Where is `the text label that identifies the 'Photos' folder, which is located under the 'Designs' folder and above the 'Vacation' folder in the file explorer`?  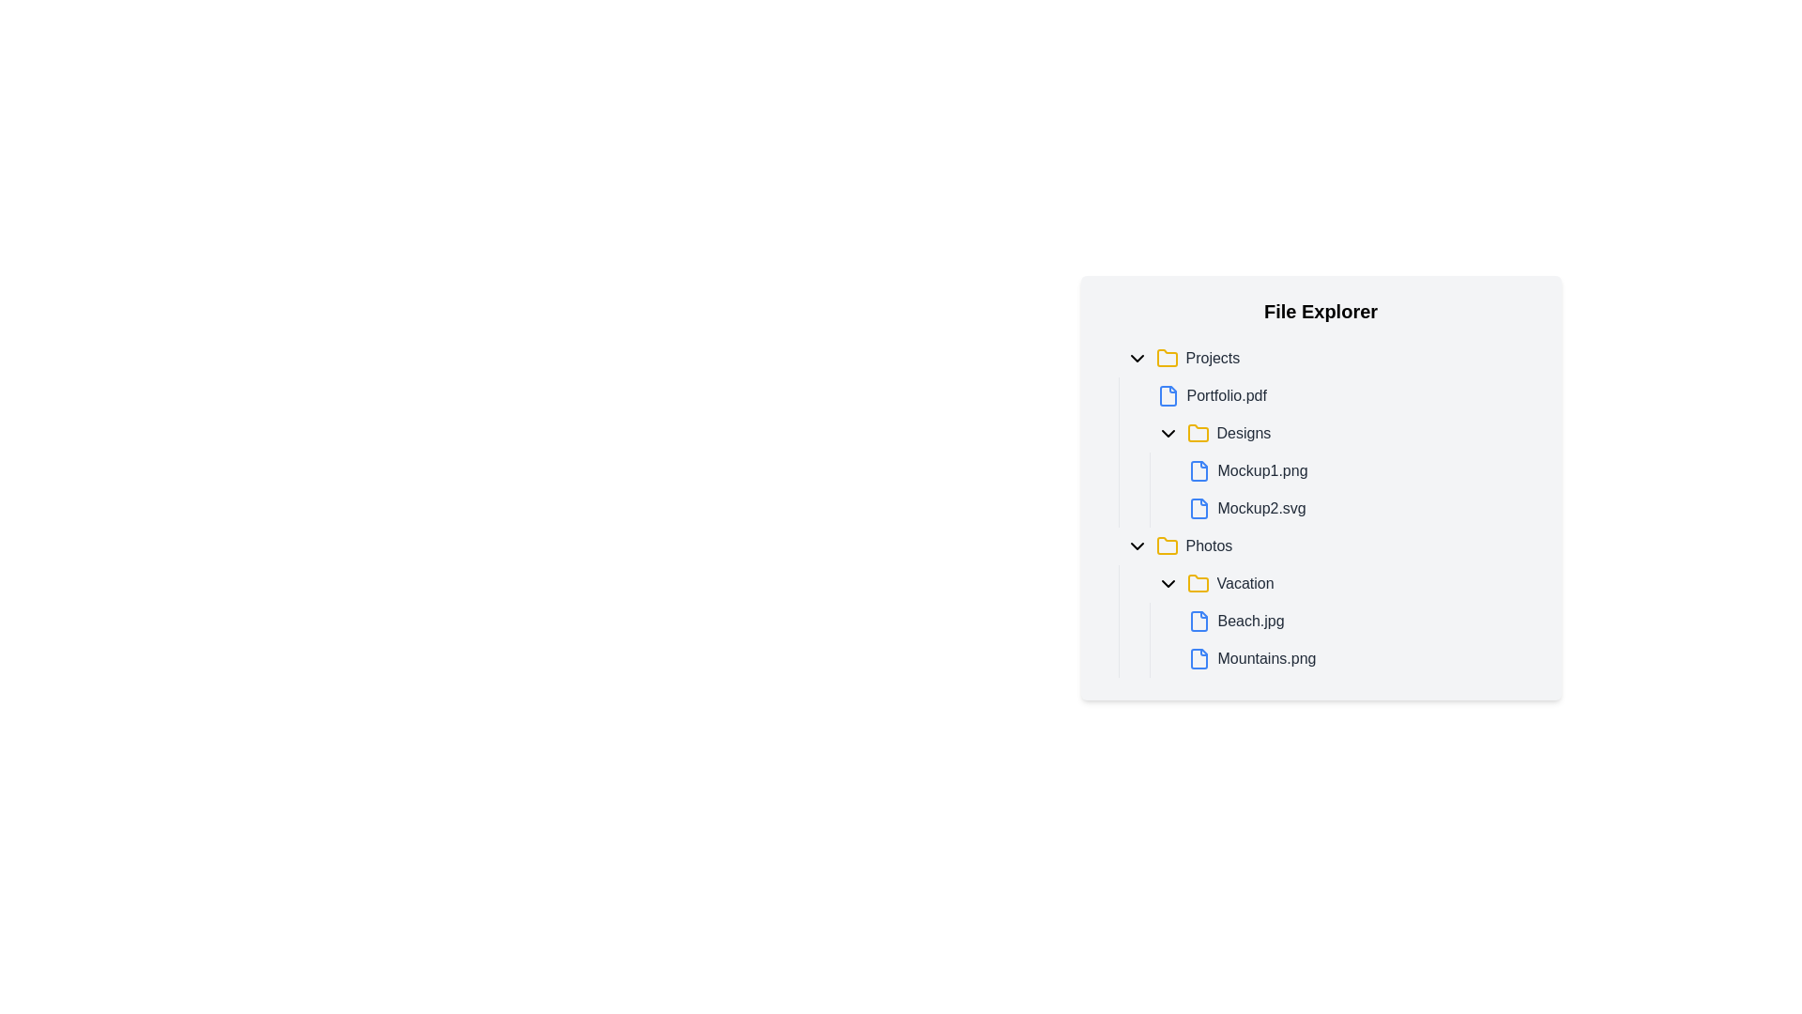
the text label that identifies the 'Photos' folder, which is located under the 'Designs' folder and above the 'Vacation' folder in the file explorer is located at coordinates (1209, 546).